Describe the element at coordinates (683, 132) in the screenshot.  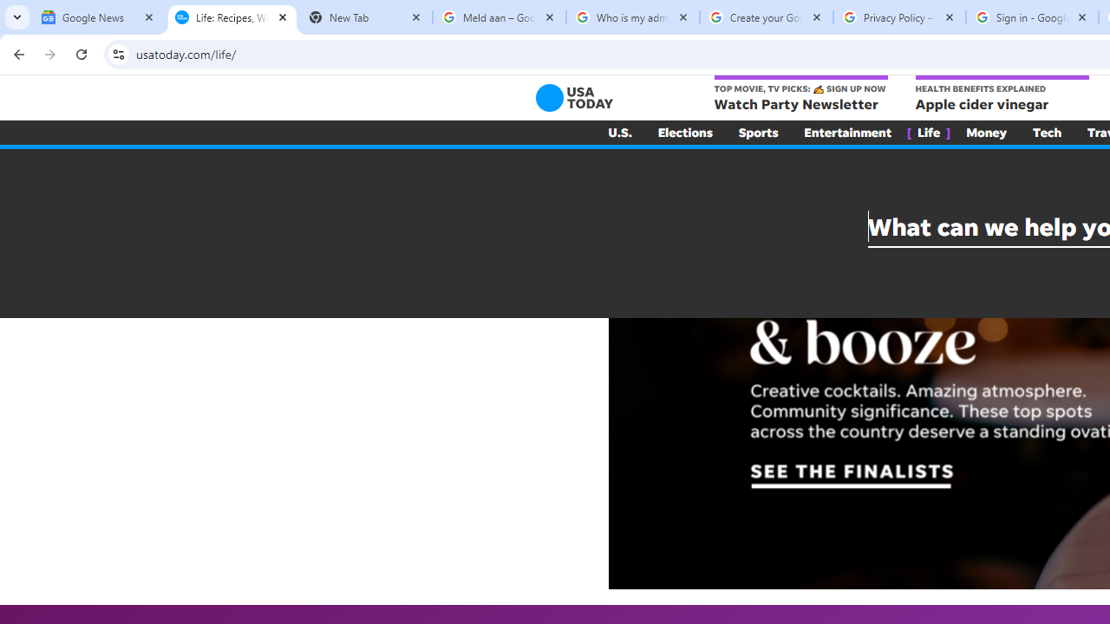
I see `'Elections'` at that location.